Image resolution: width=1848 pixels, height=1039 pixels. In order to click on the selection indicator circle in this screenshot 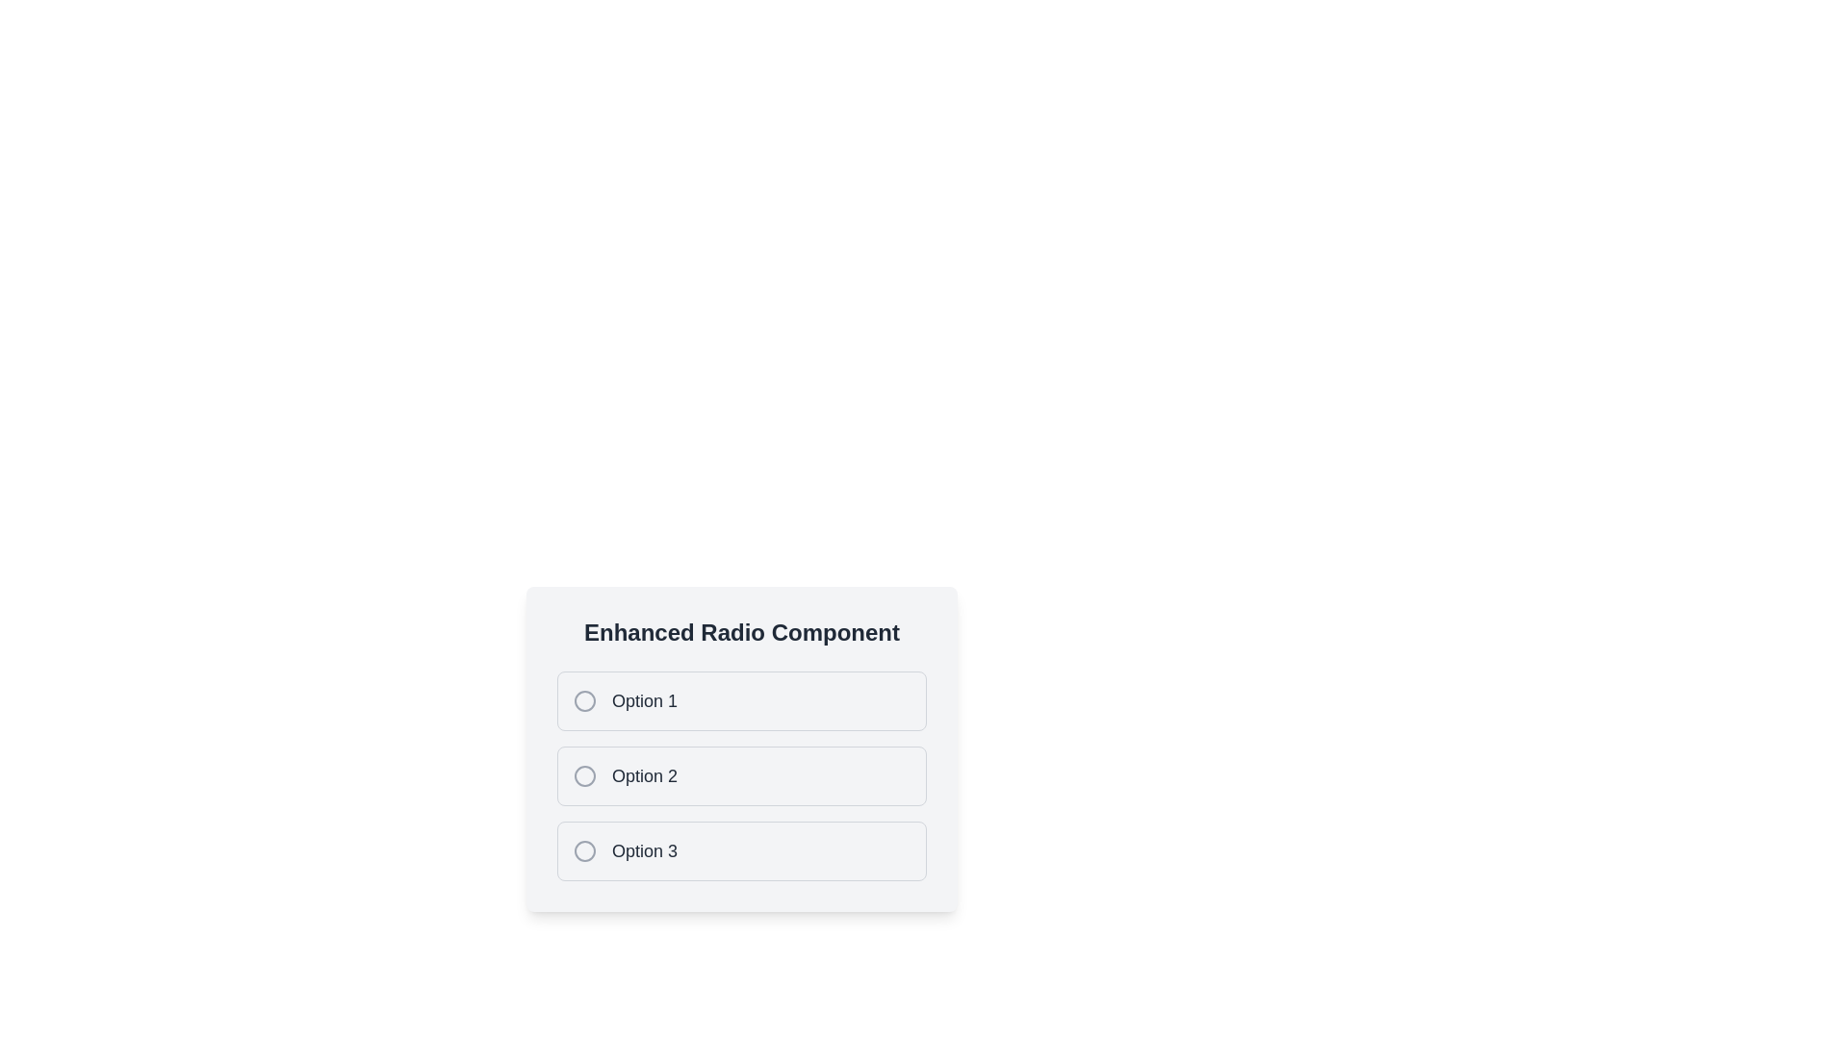, I will do `click(584, 849)`.